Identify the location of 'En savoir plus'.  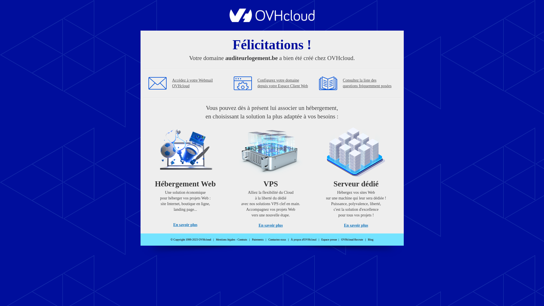
(356, 225).